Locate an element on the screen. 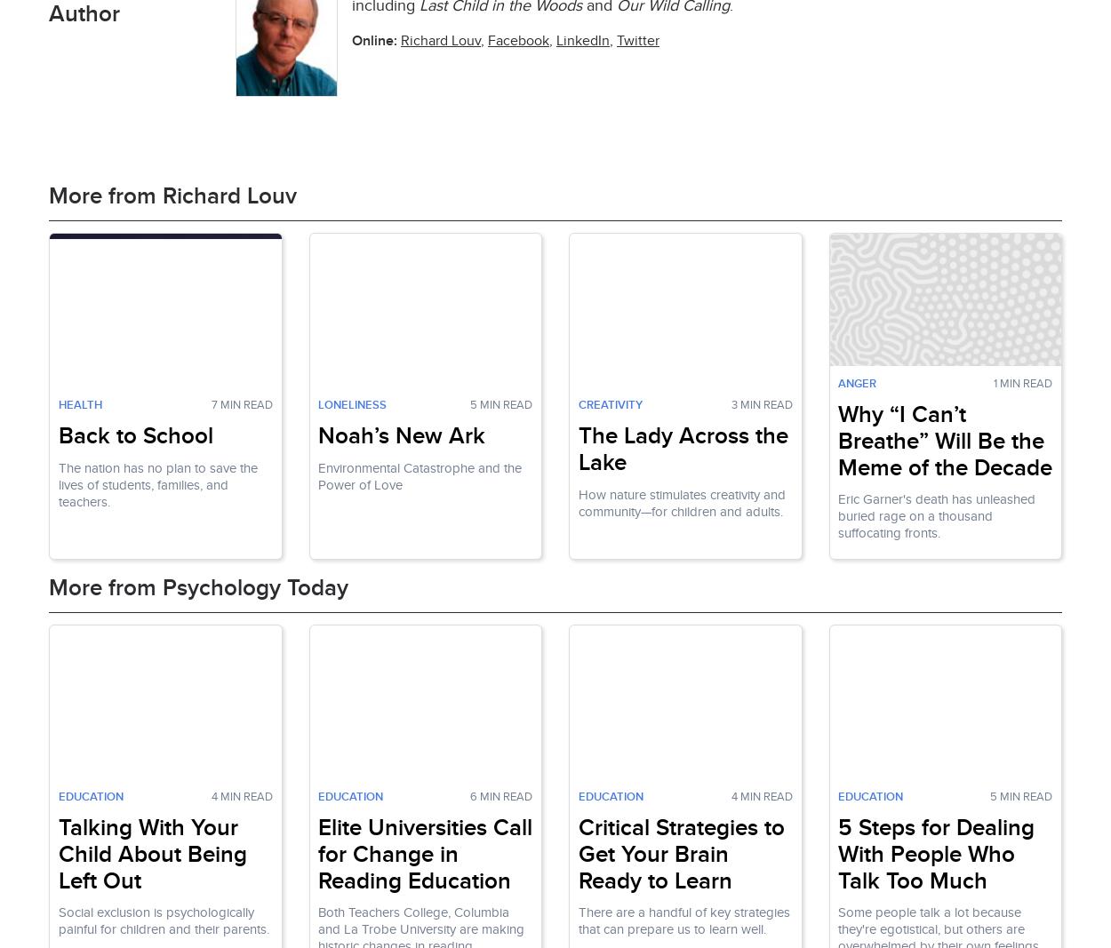 The image size is (1111, 948). 'Talking With Your Child About Being Left Out' is located at coordinates (152, 854).